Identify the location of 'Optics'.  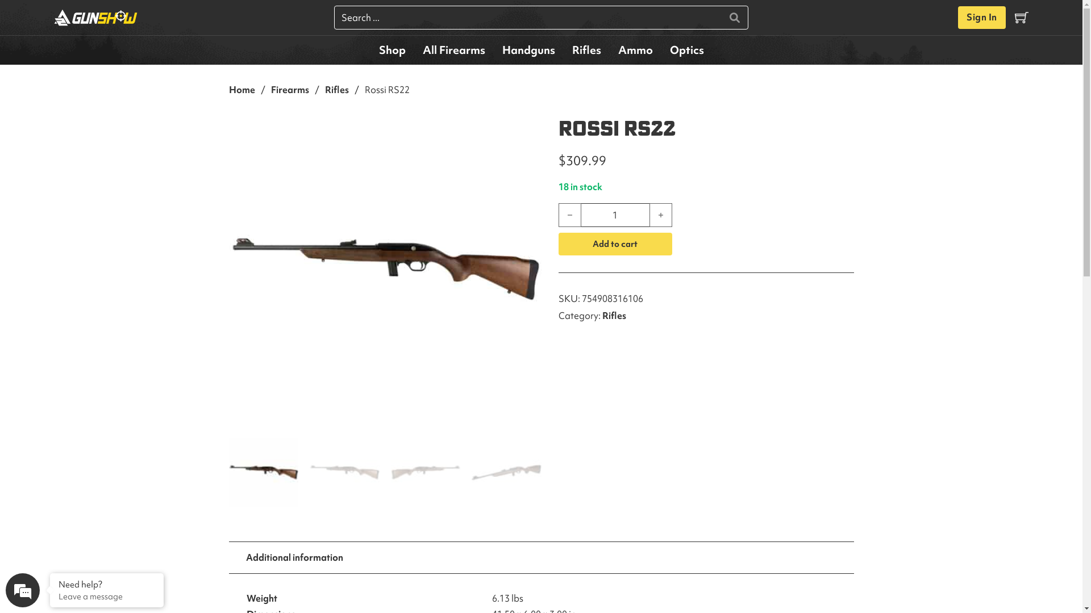
(686, 49).